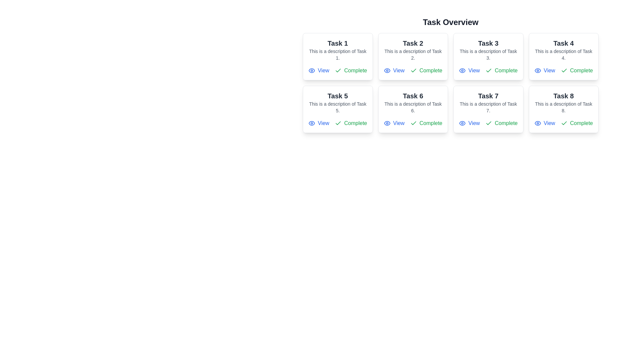 The width and height of the screenshot is (641, 360). Describe the element at coordinates (413, 123) in the screenshot. I see `the 'Complete' text and checkmark icon in the 'View Complete' group located at the bottom of the 'Task 6' card to mark the task as complete` at that location.